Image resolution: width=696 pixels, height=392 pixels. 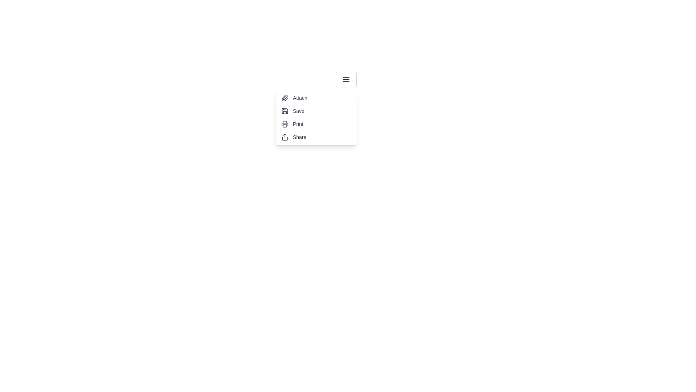 I want to click on the menu icon button represented by three horizontal lines stacked vertically, located in the top-right region of the grouping of UI components, so click(x=346, y=79).